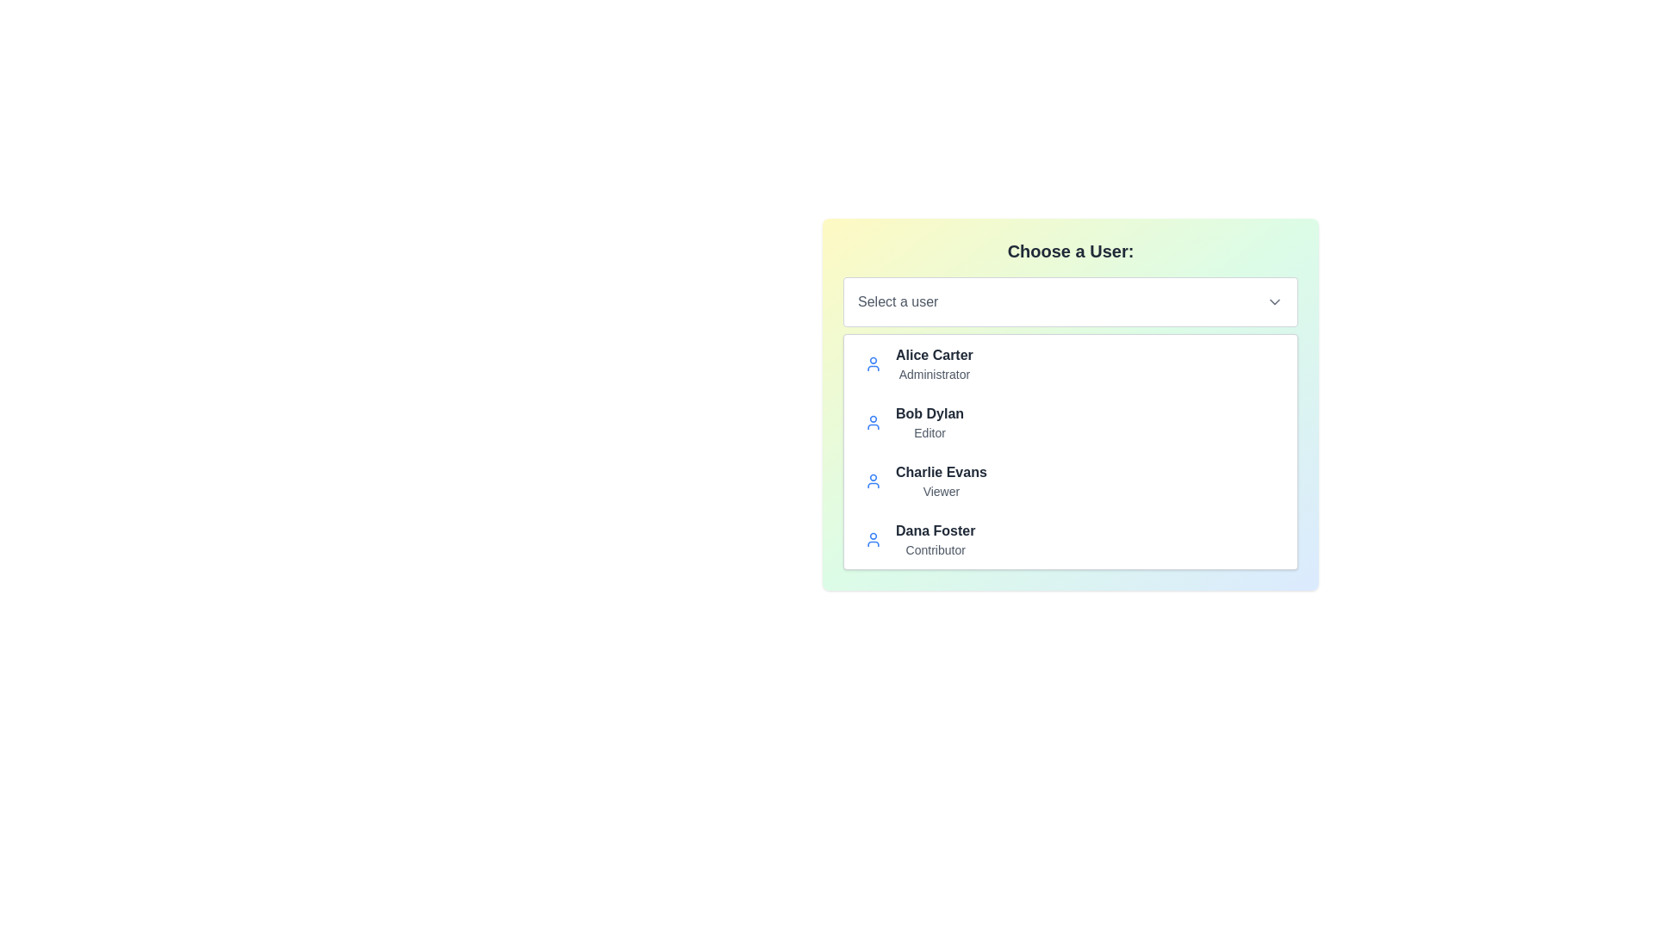  What do you see at coordinates (935, 539) in the screenshot?
I see `the selectable user entry labeled 'Dana Foster' in the dropdown list to assign the role 'Contributor'. This entry is the fourth in the list, located directly beneath 'Charlie Evans Viewer'` at bounding box center [935, 539].